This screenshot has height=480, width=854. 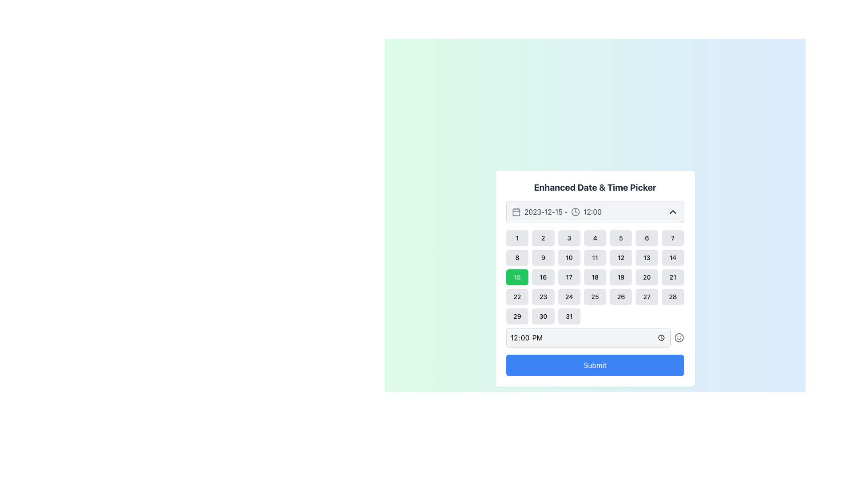 What do you see at coordinates (543, 316) in the screenshot?
I see `the small rectangular button labeled '30' with rounded corners in the date picker widget` at bounding box center [543, 316].